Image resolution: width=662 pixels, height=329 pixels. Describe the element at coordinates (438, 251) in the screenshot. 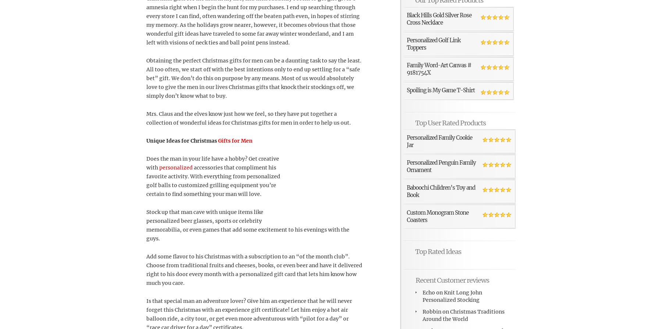

I see `'Top Rated Ideas'` at that location.